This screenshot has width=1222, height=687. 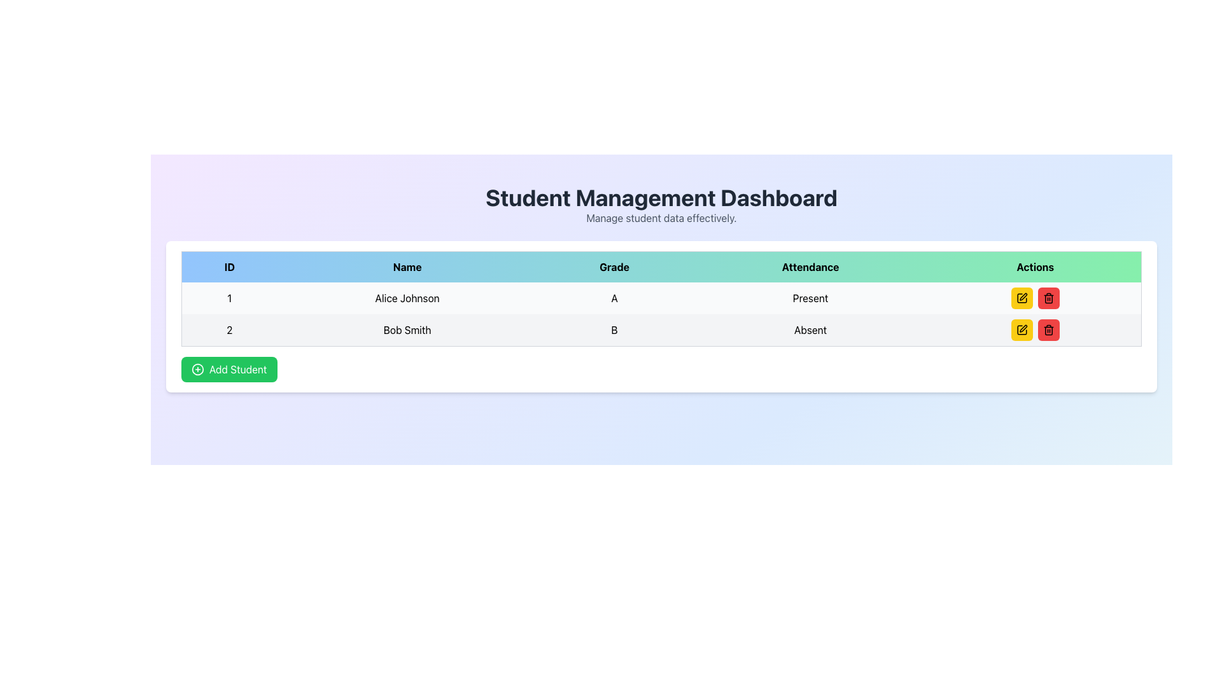 What do you see at coordinates (1048, 330) in the screenshot?
I see `the red delete button with a trash can icon located in the rightmost position of the second row's action buttons for keyboard interaction` at bounding box center [1048, 330].